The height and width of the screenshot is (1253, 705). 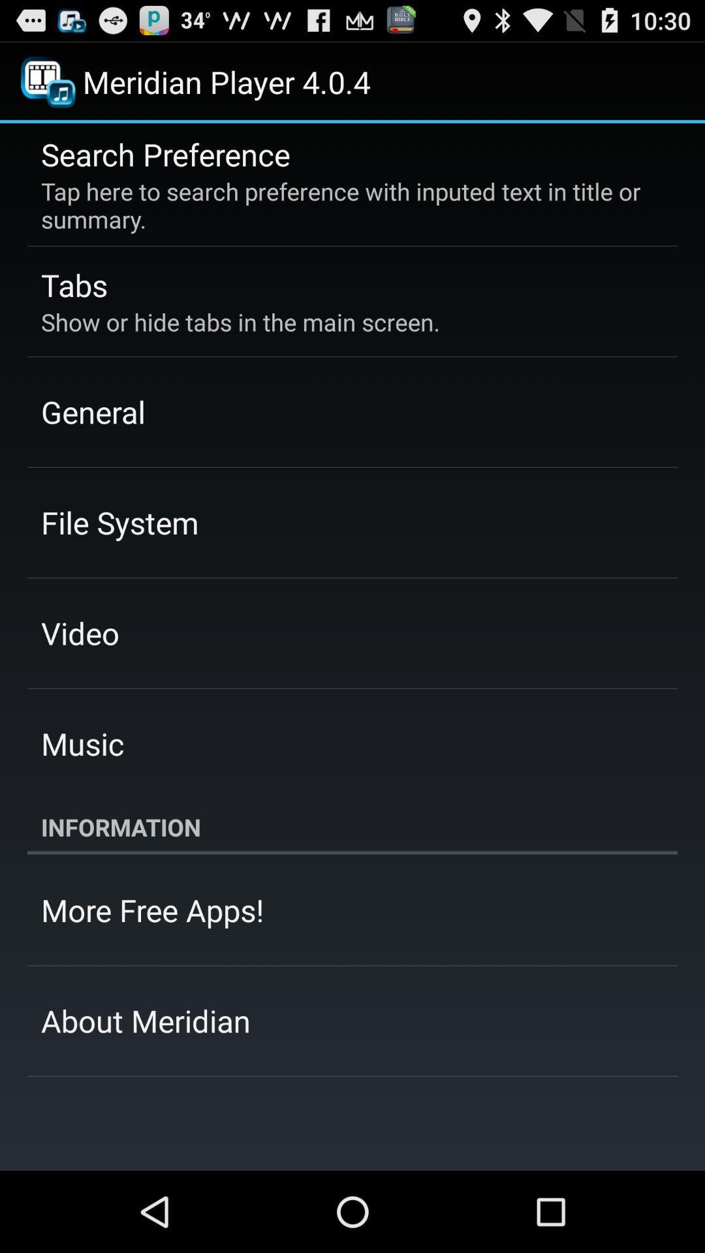 I want to click on the music, so click(x=82, y=743).